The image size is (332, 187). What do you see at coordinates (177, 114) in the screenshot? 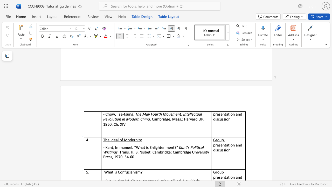
I see `the 3th character "e" in the text` at bounding box center [177, 114].